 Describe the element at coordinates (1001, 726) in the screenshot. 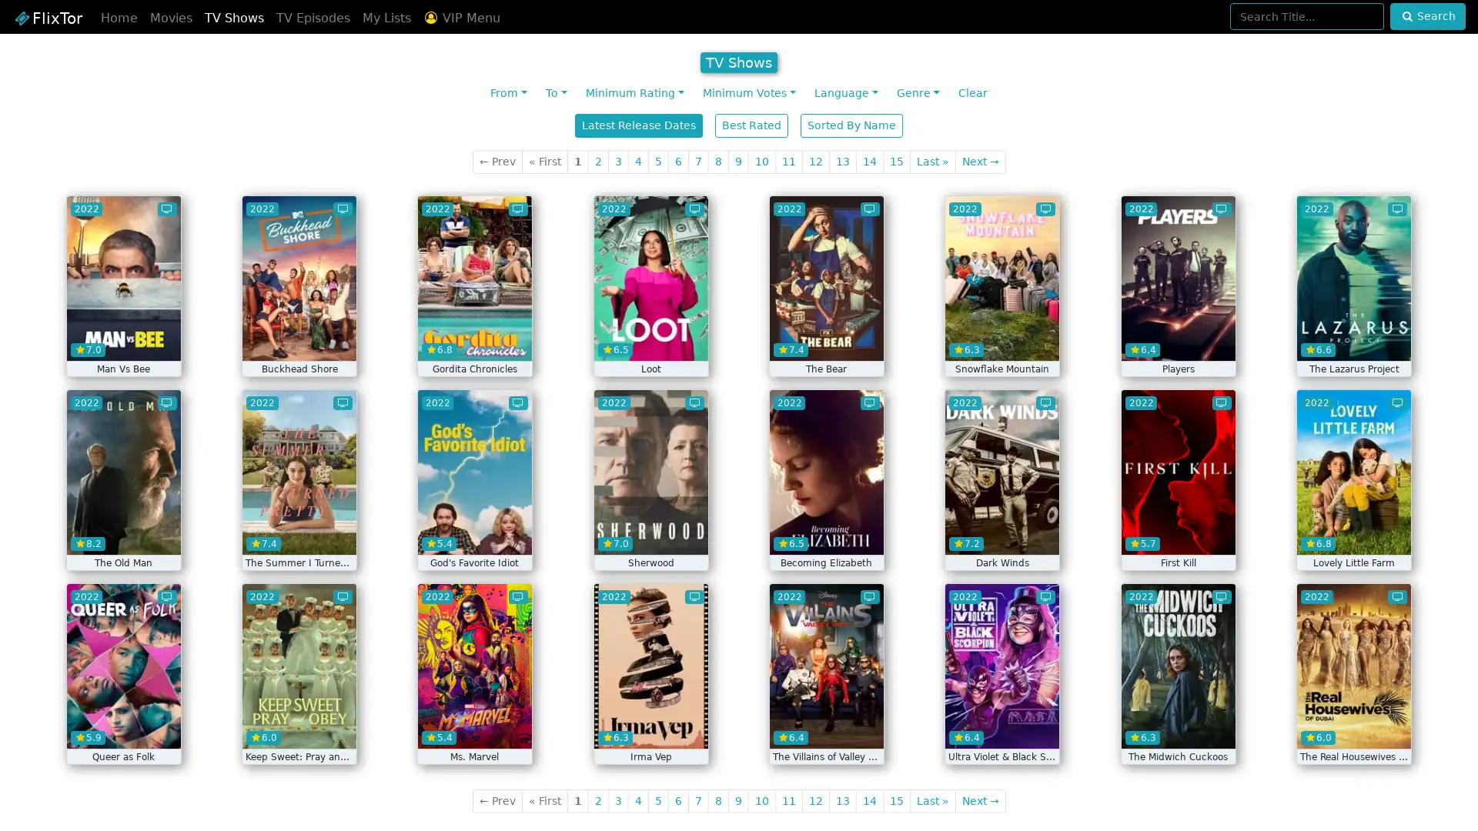

I see `Watch Now` at that location.